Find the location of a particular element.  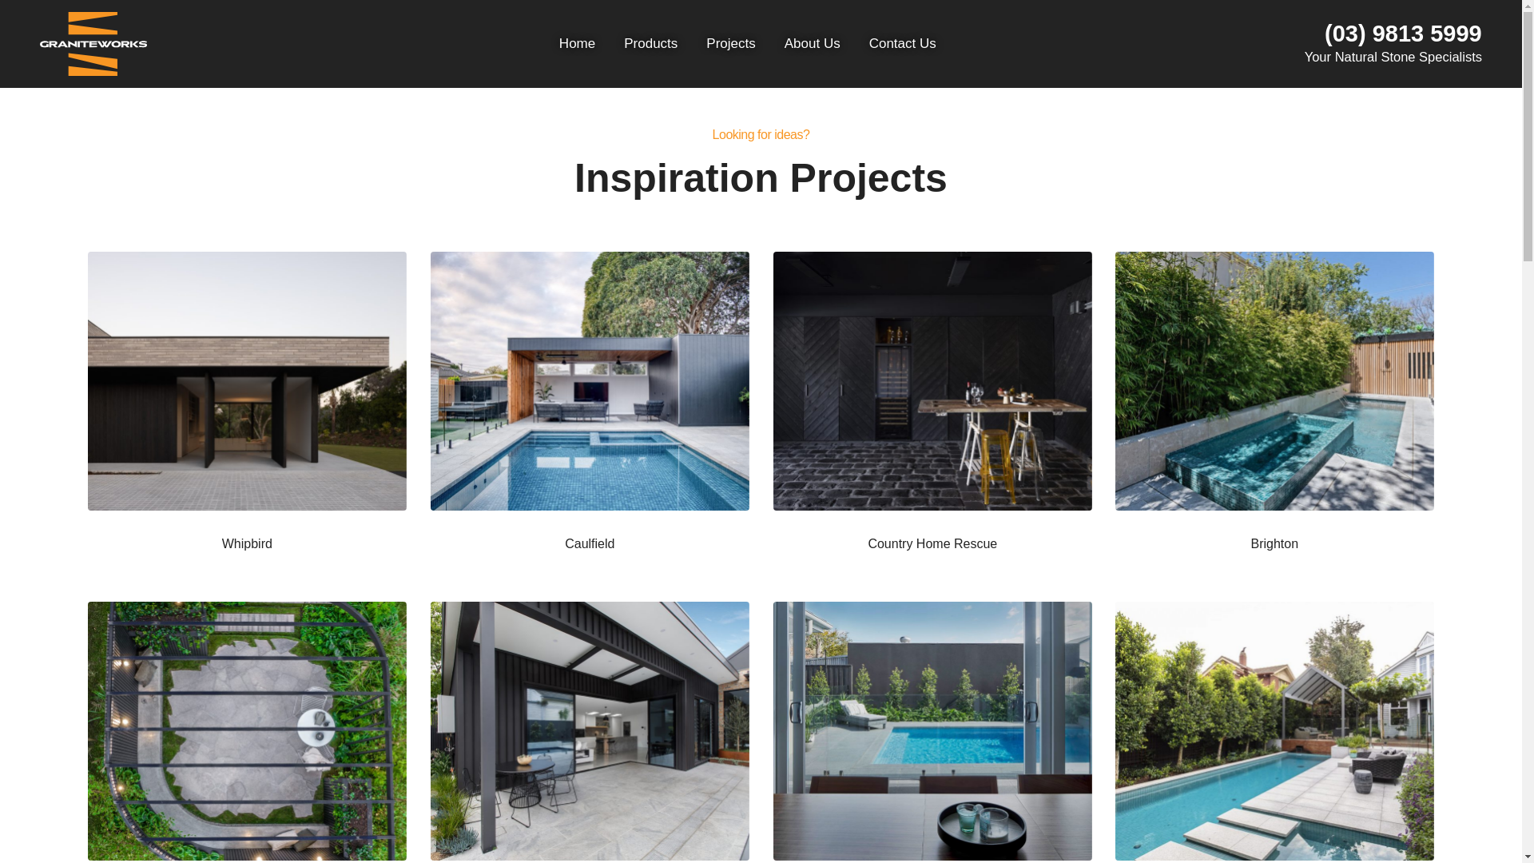

'(03) 9813 5999' is located at coordinates (1324, 34).